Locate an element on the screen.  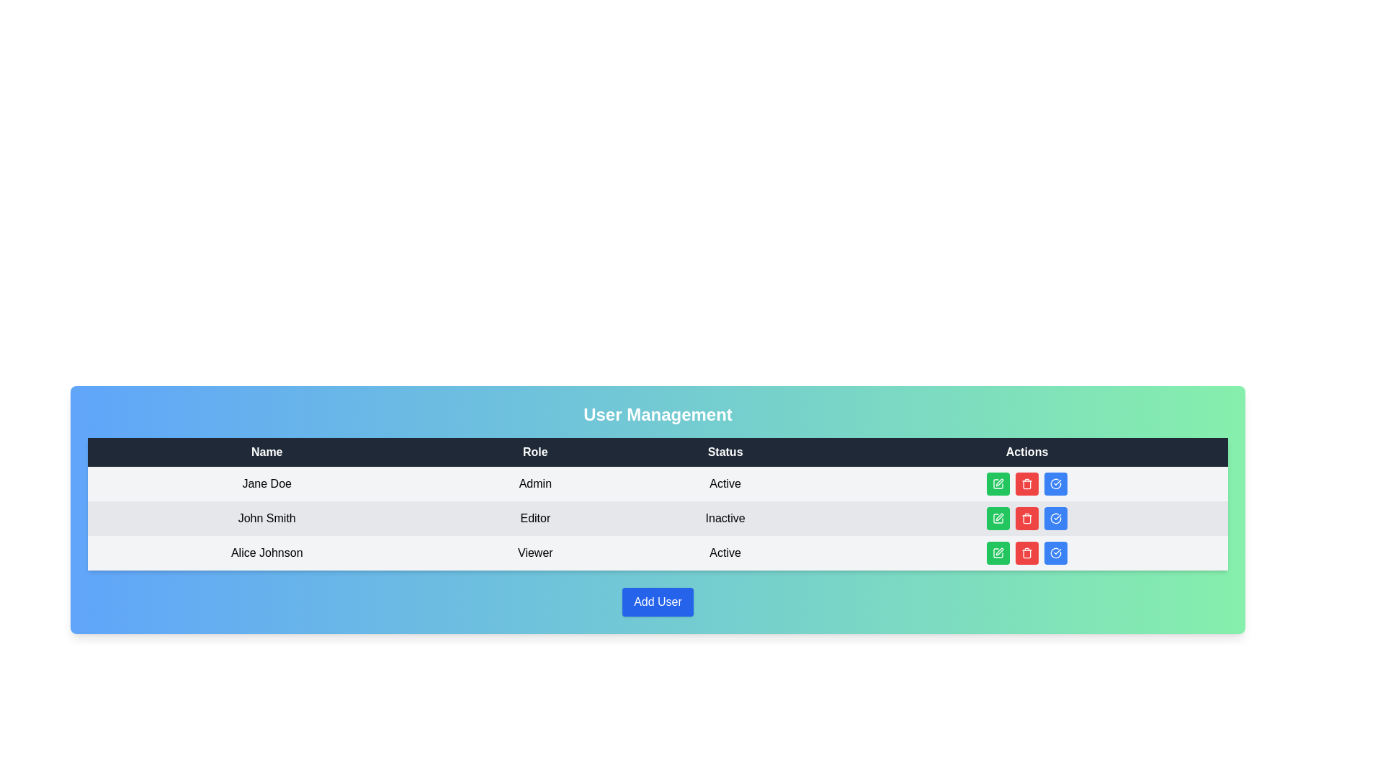
the delete action button, which is the second button from the left in the 'Actions' column of the second row in the table, positioned between a green edit button and a blue confirmation button is located at coordinates (1026, 519).